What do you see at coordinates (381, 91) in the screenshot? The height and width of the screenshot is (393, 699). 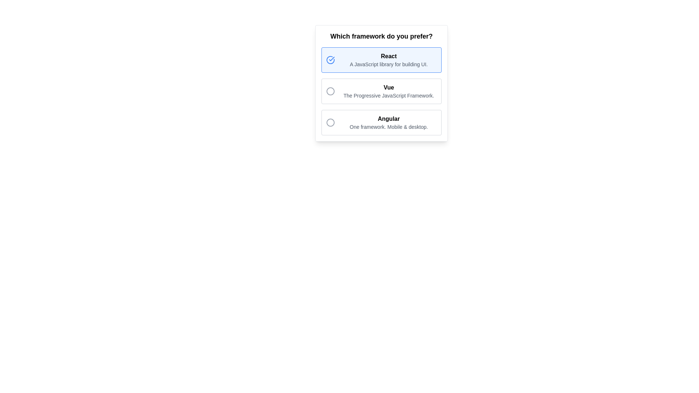 I see `the radio button for the 'Vue' framework option, which is the second choice in the vertical list of three options` at bounding box center [381, 91].